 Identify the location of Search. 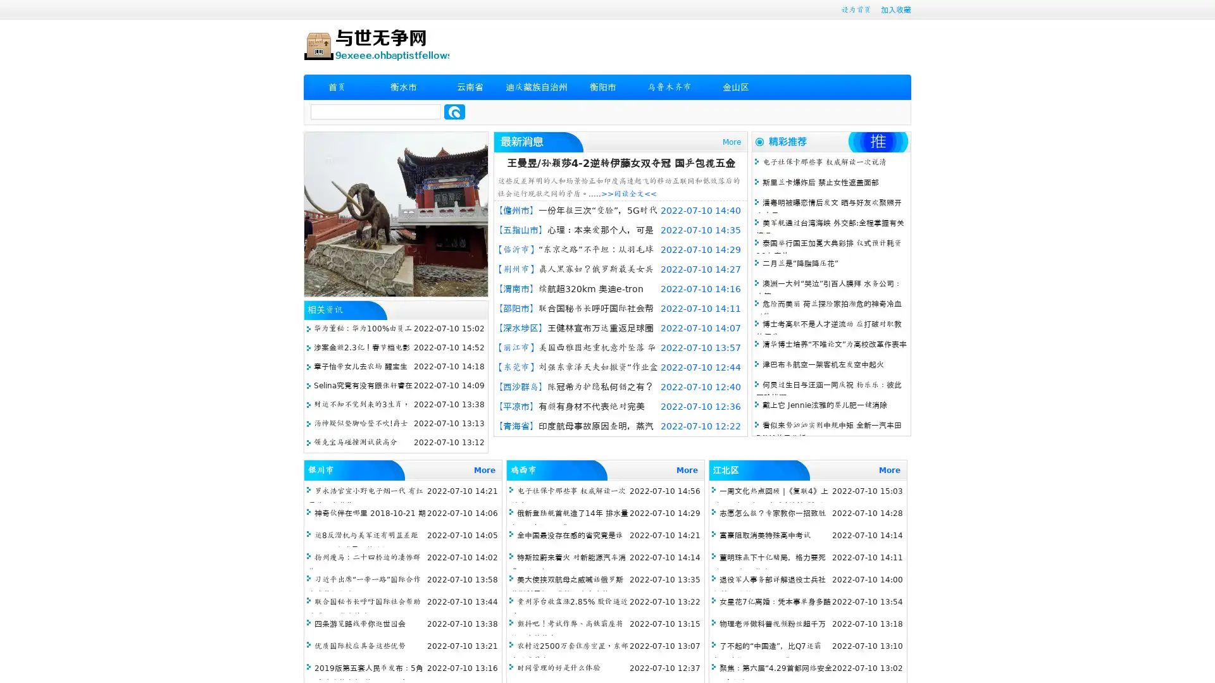
(454, 111).